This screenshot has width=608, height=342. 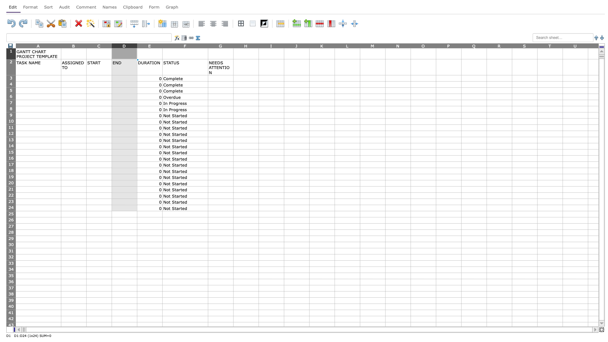 I want to click on the width adjustment handle for column G, so click(x=233, y=45).